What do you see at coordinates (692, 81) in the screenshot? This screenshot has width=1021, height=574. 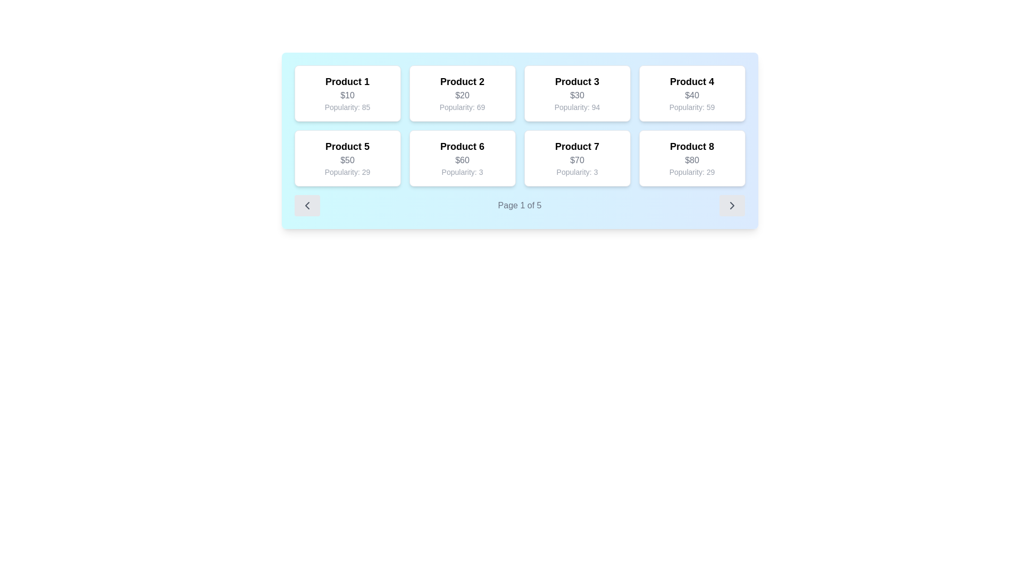 I see `the text label displaying 'Product 4' in bold, large font within a white card that has rounded corners, located in the second row and second column of the grid layout` at bounding box center [692, 81].